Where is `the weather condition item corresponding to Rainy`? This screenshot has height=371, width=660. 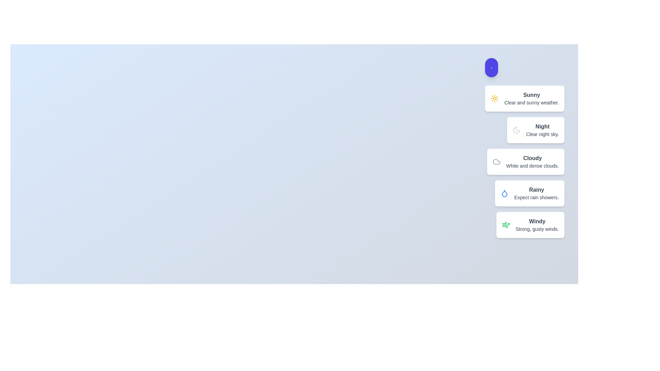 the weather condition item corresponding to Rainy is located at coordinates (529, 193).